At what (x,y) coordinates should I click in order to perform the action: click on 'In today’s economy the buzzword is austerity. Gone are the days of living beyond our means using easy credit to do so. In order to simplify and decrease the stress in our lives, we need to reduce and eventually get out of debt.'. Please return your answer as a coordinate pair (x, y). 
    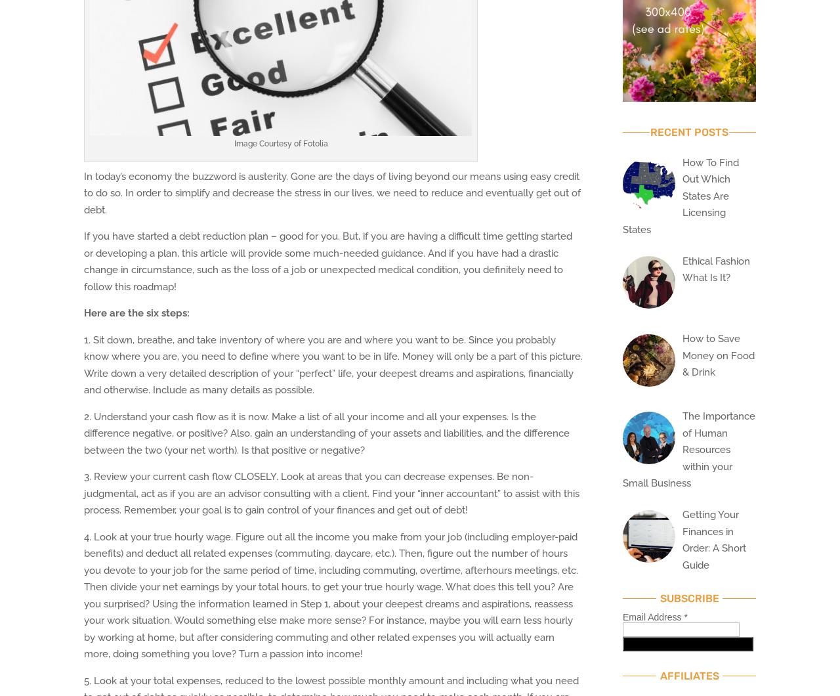
    Looking at the image, I should click on (332, 192).